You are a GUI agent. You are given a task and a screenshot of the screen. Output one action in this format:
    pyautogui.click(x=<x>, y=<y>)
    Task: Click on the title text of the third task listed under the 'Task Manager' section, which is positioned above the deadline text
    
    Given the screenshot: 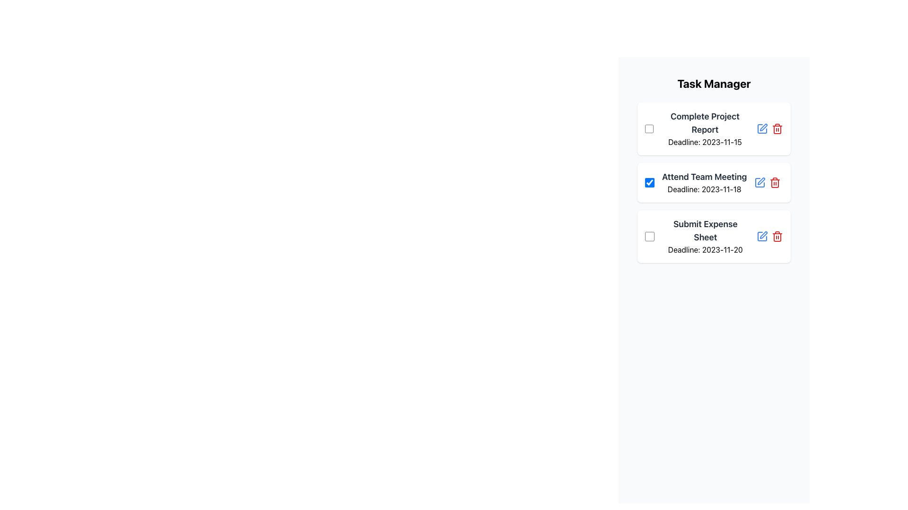 What is the action you would take?
    pyautogui.click(x=705, y=231)
    